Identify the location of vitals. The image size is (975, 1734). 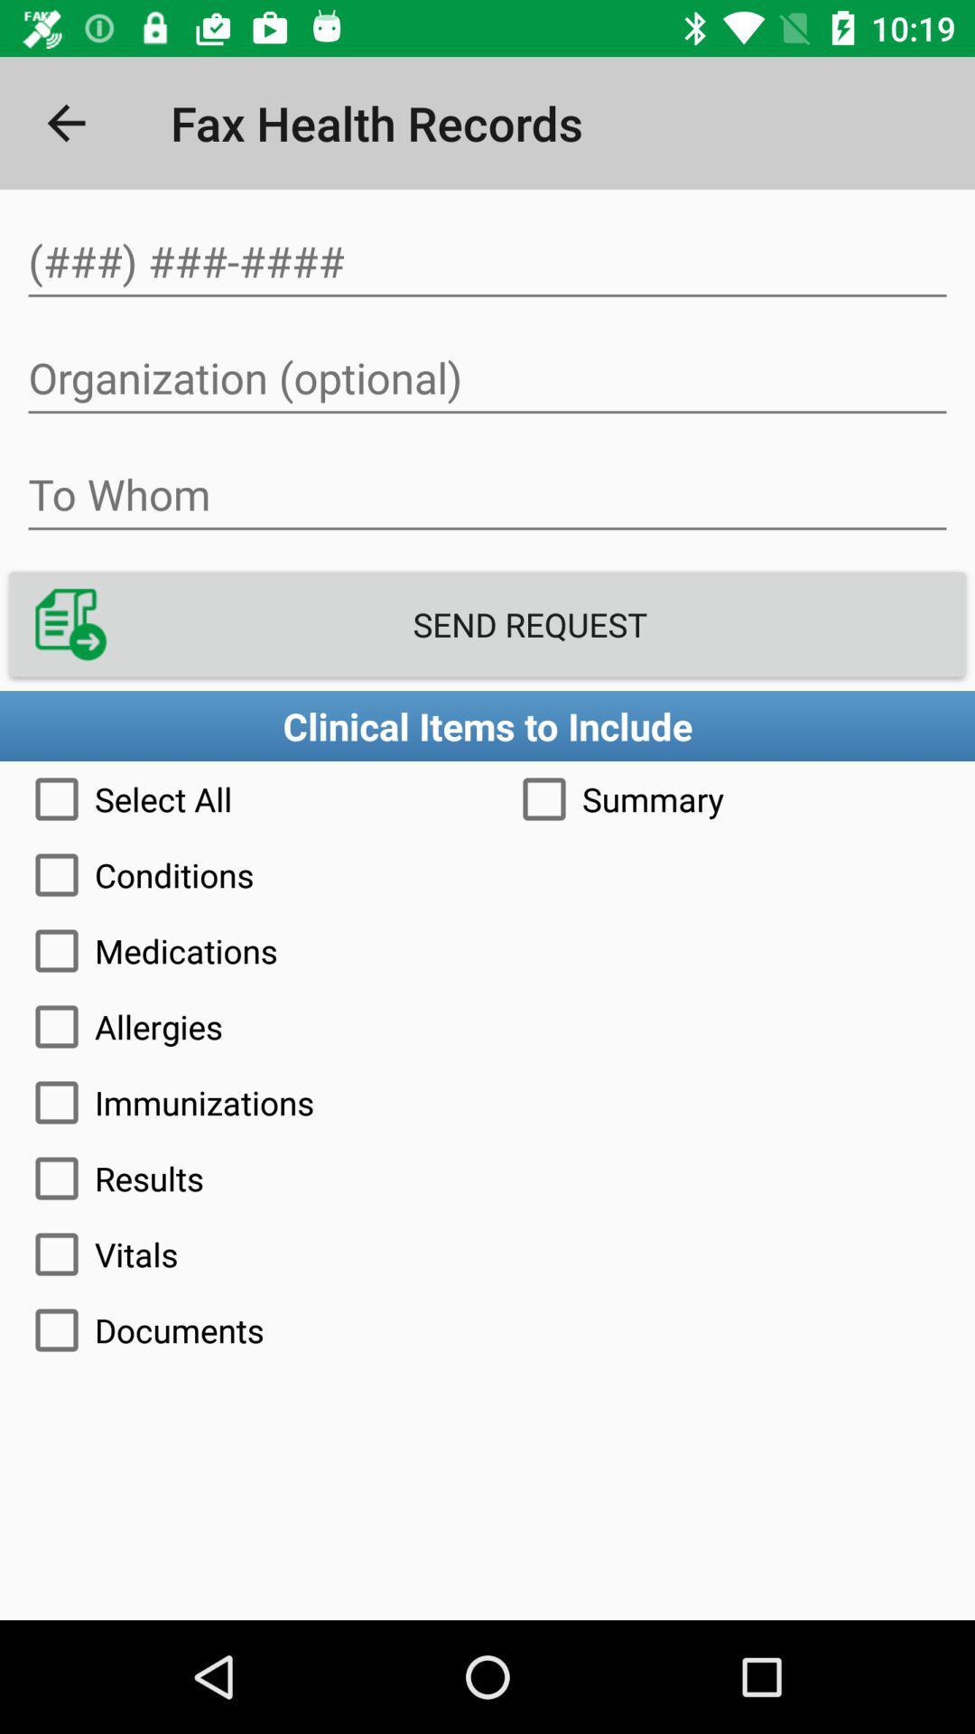
(487, 1253).